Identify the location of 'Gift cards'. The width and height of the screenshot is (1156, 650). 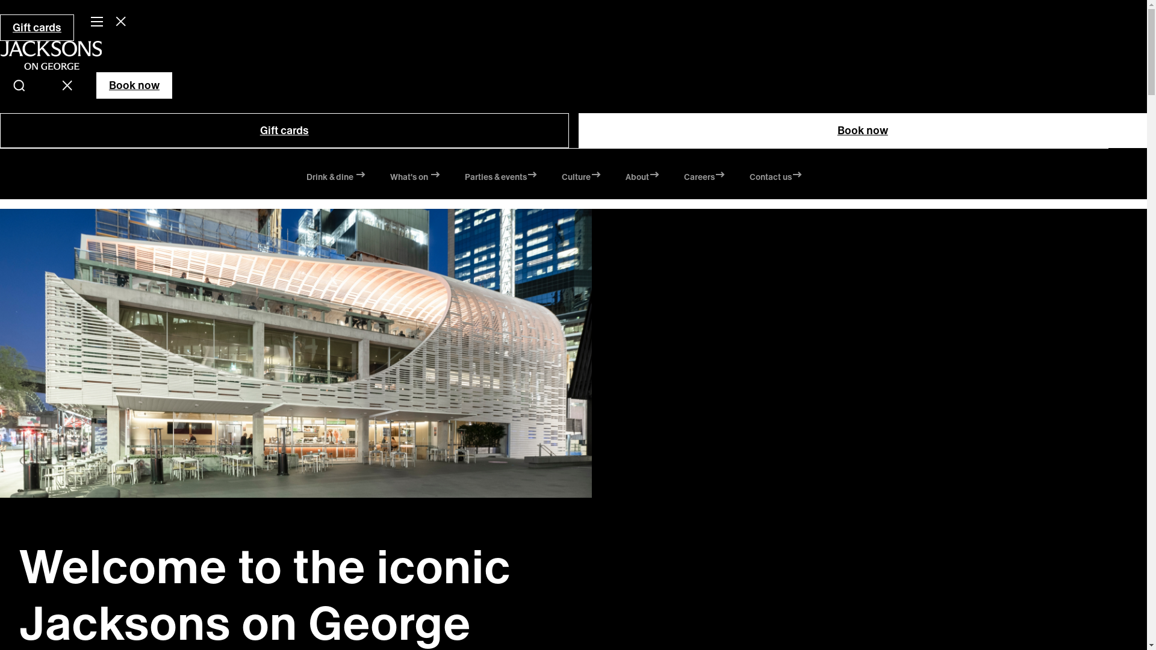
(37, 27).